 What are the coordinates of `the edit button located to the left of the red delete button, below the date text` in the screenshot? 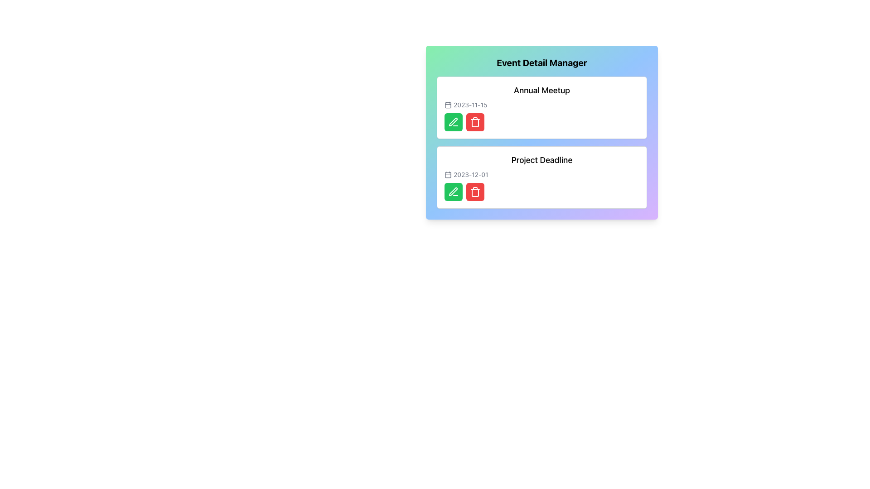 It's located at (453, 121).